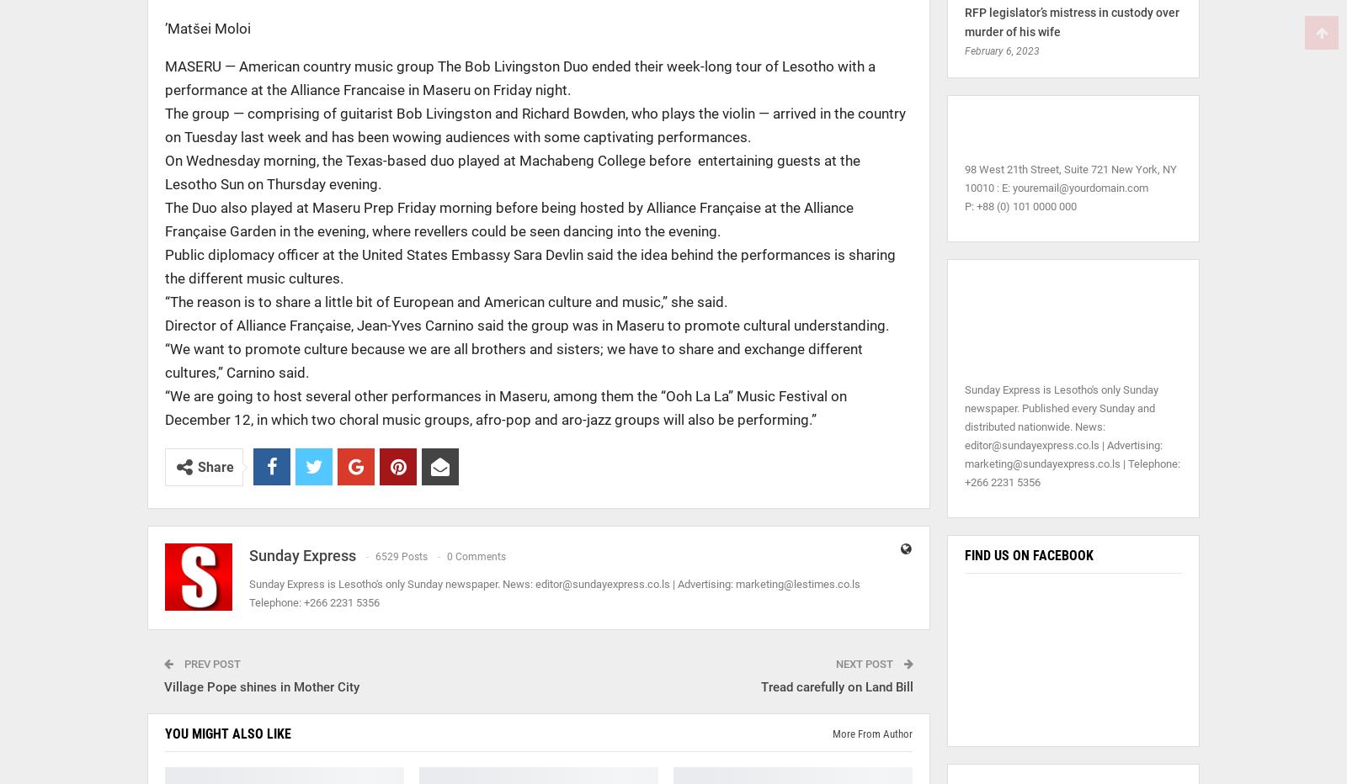  What do you see at coordinates (514, 360) in the screenshot?
I see `'“We want to promote culture because we are all brothers and sisters; we have to share and exchange different cultures,” Carnino said.'` at bounding box center [514, 360].